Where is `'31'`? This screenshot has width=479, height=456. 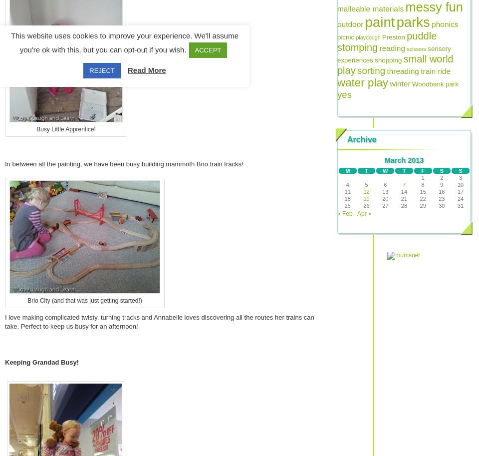
'31' is located at coordinates (460, 205).